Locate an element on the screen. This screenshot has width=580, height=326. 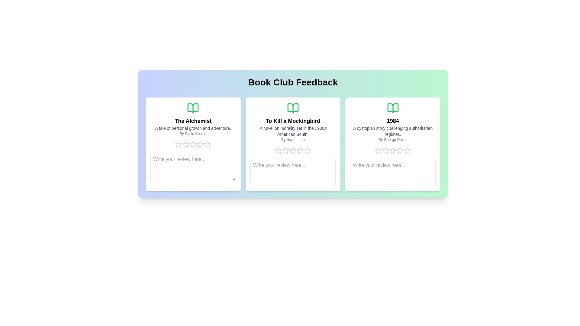
the fifth star in the row of five stars representing a rating option for 'To Kill a Mockingbird' is located at coordinates (300, 150).